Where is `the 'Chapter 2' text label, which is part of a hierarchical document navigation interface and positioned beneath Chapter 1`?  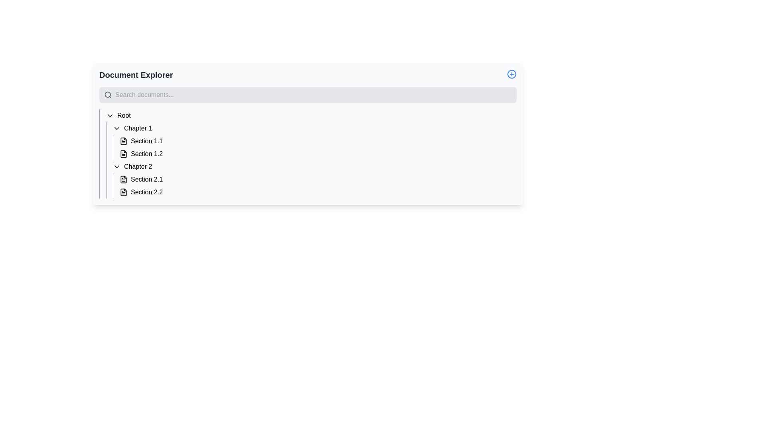
the 'Chapter 2' text label, which is part of a hierarchical document navigation interface and positioned beneath Chapter 1 is located at coordinates (138, 166).